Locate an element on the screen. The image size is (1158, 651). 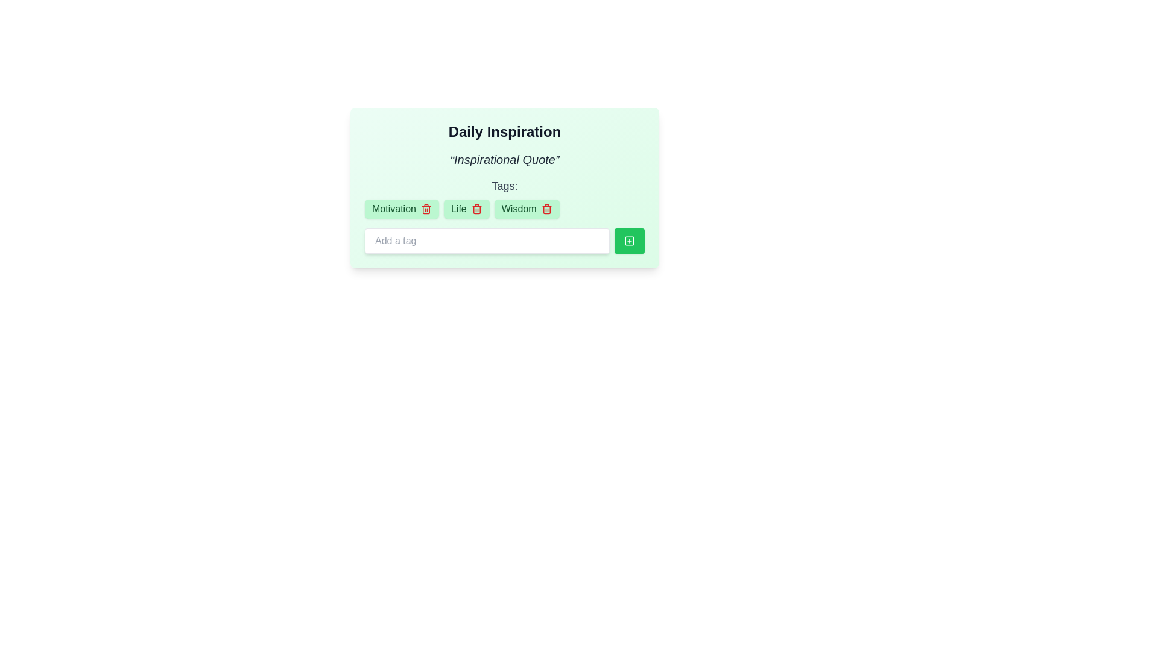
the trash icon is located at coordinates (527, 209).